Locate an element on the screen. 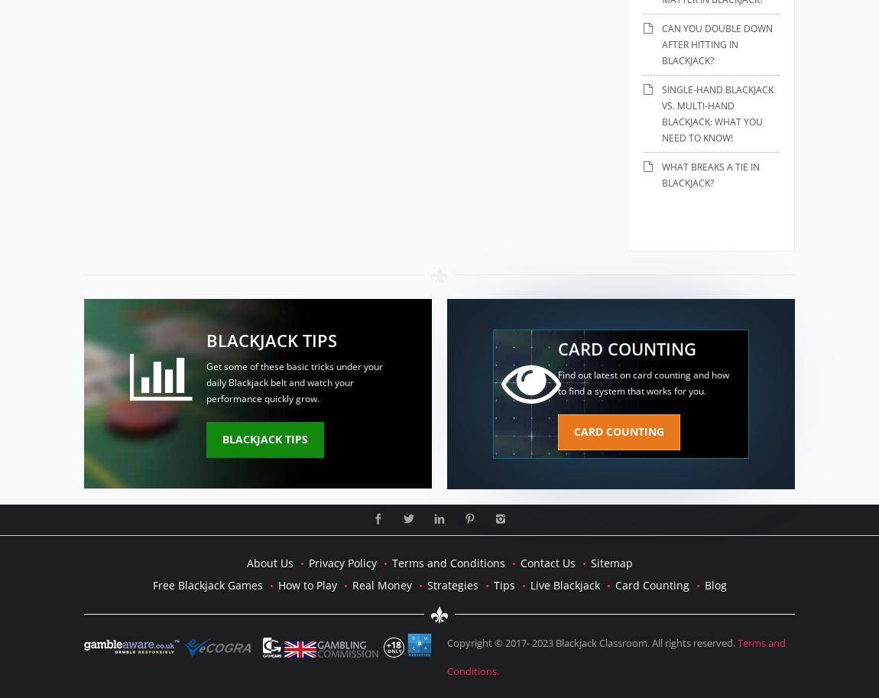 The height and width of the screenshot is (698, 879). 'Strategies' is located at coordinates (451, 584).